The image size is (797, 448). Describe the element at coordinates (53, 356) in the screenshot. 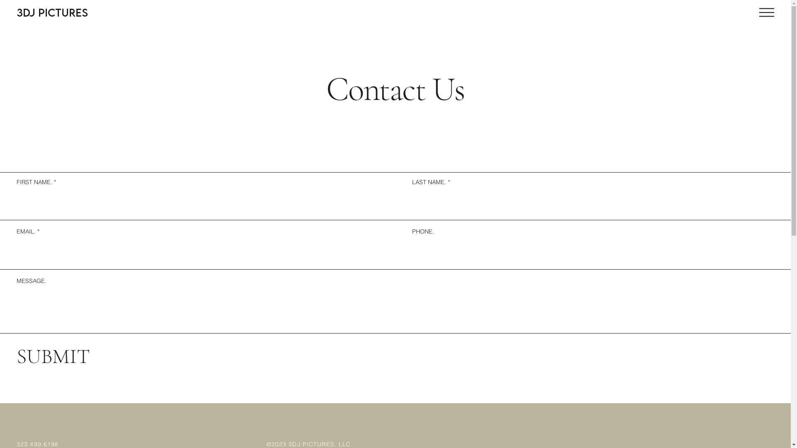

I see `'SUBMIT'` at that location.